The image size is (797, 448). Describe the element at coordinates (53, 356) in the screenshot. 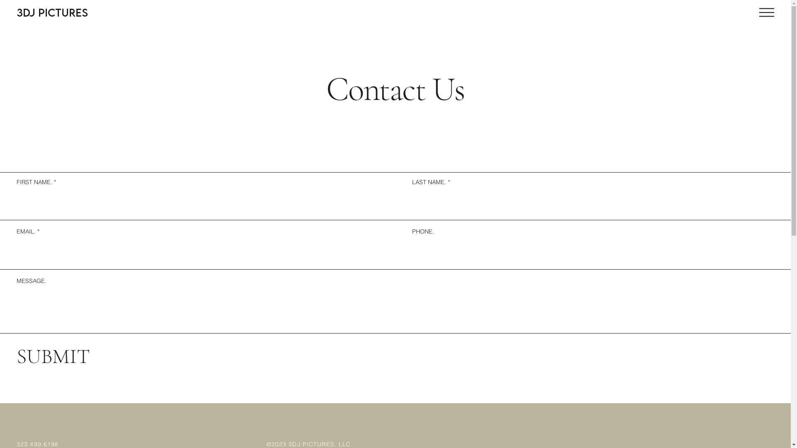

I see `'SUBMIT'` at that location.